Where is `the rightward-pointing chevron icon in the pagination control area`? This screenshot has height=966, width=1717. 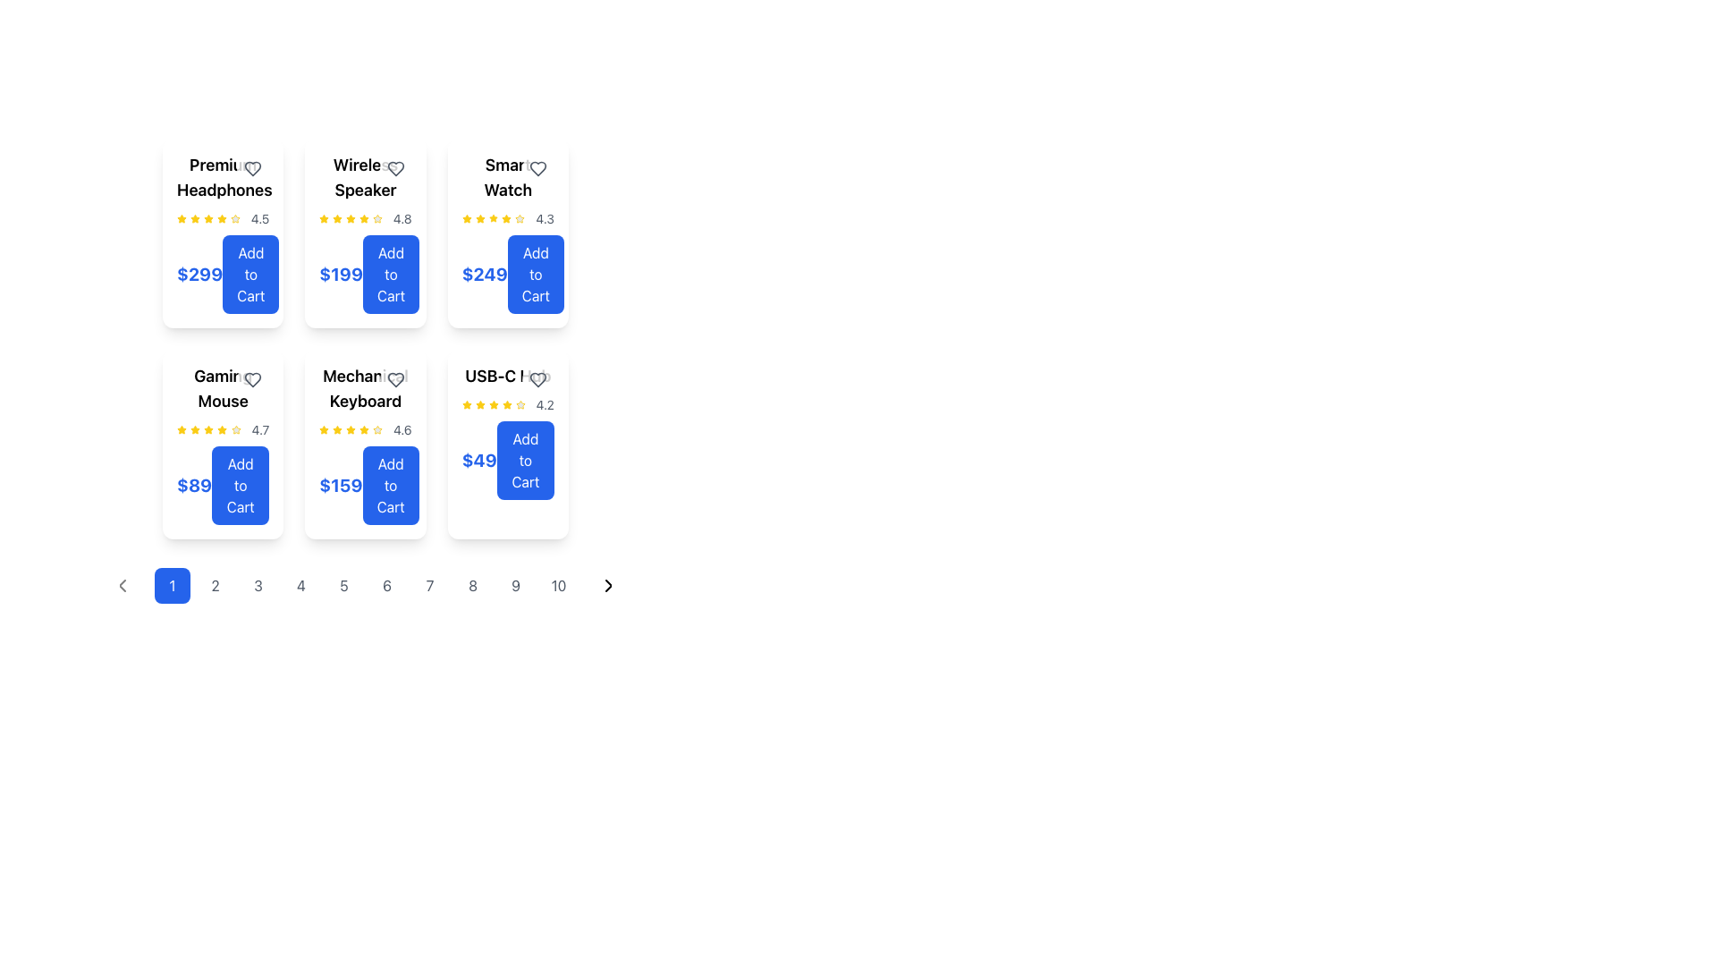 the rightward-pointing chevron icon in the pagination control area is located at coordinates (609, 586).